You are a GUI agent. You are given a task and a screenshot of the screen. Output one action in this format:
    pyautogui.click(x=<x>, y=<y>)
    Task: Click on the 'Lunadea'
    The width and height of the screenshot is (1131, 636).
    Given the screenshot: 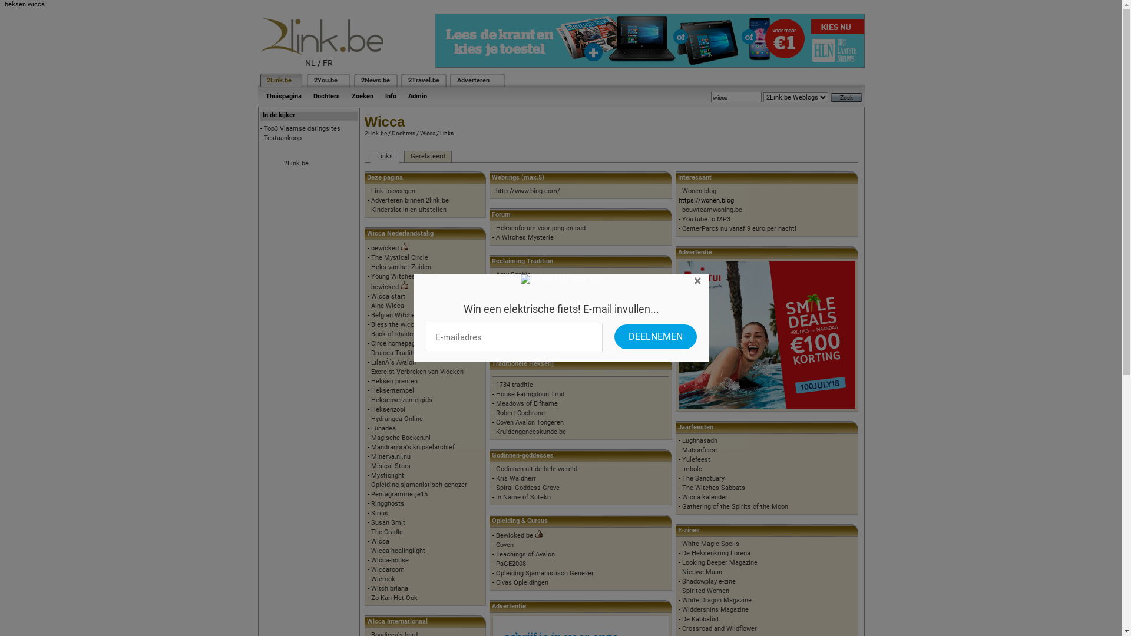 What is the action you would take?
    pyautogui.click(x=383, y=428)
    